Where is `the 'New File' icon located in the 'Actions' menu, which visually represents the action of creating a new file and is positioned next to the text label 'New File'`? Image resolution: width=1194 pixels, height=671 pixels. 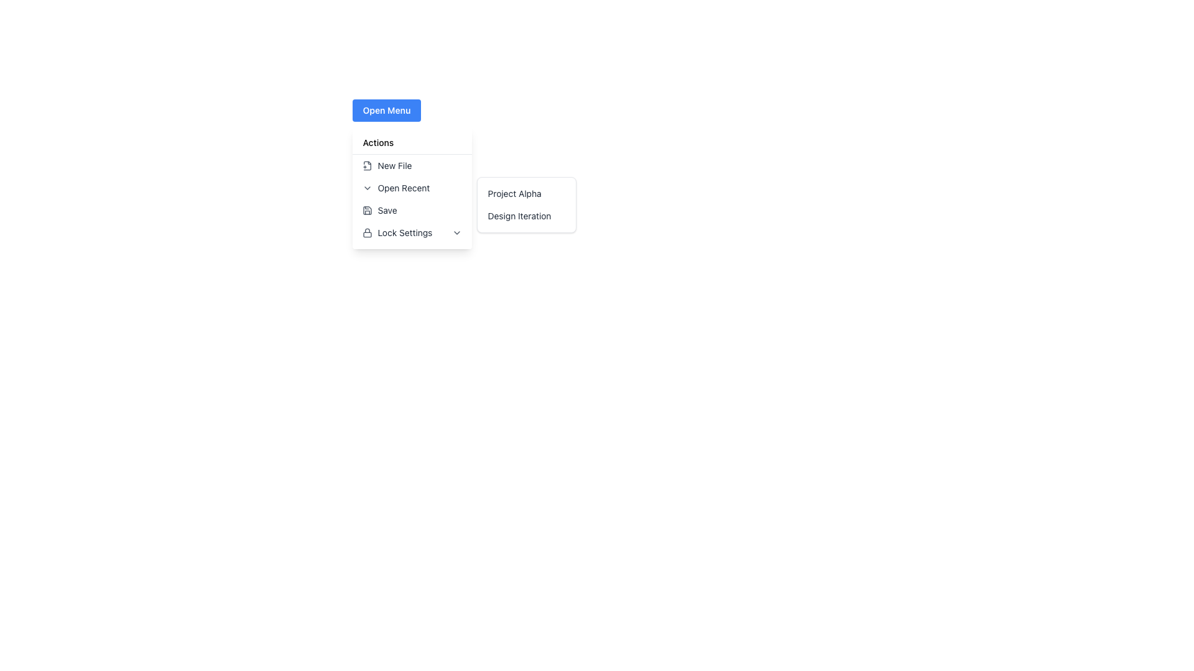 the 'New File' icon located in the 'Actions' menu, which visually represents the action of creating a new file and is positioned next to the text label 'New File' is located at coordinates (367, 165).